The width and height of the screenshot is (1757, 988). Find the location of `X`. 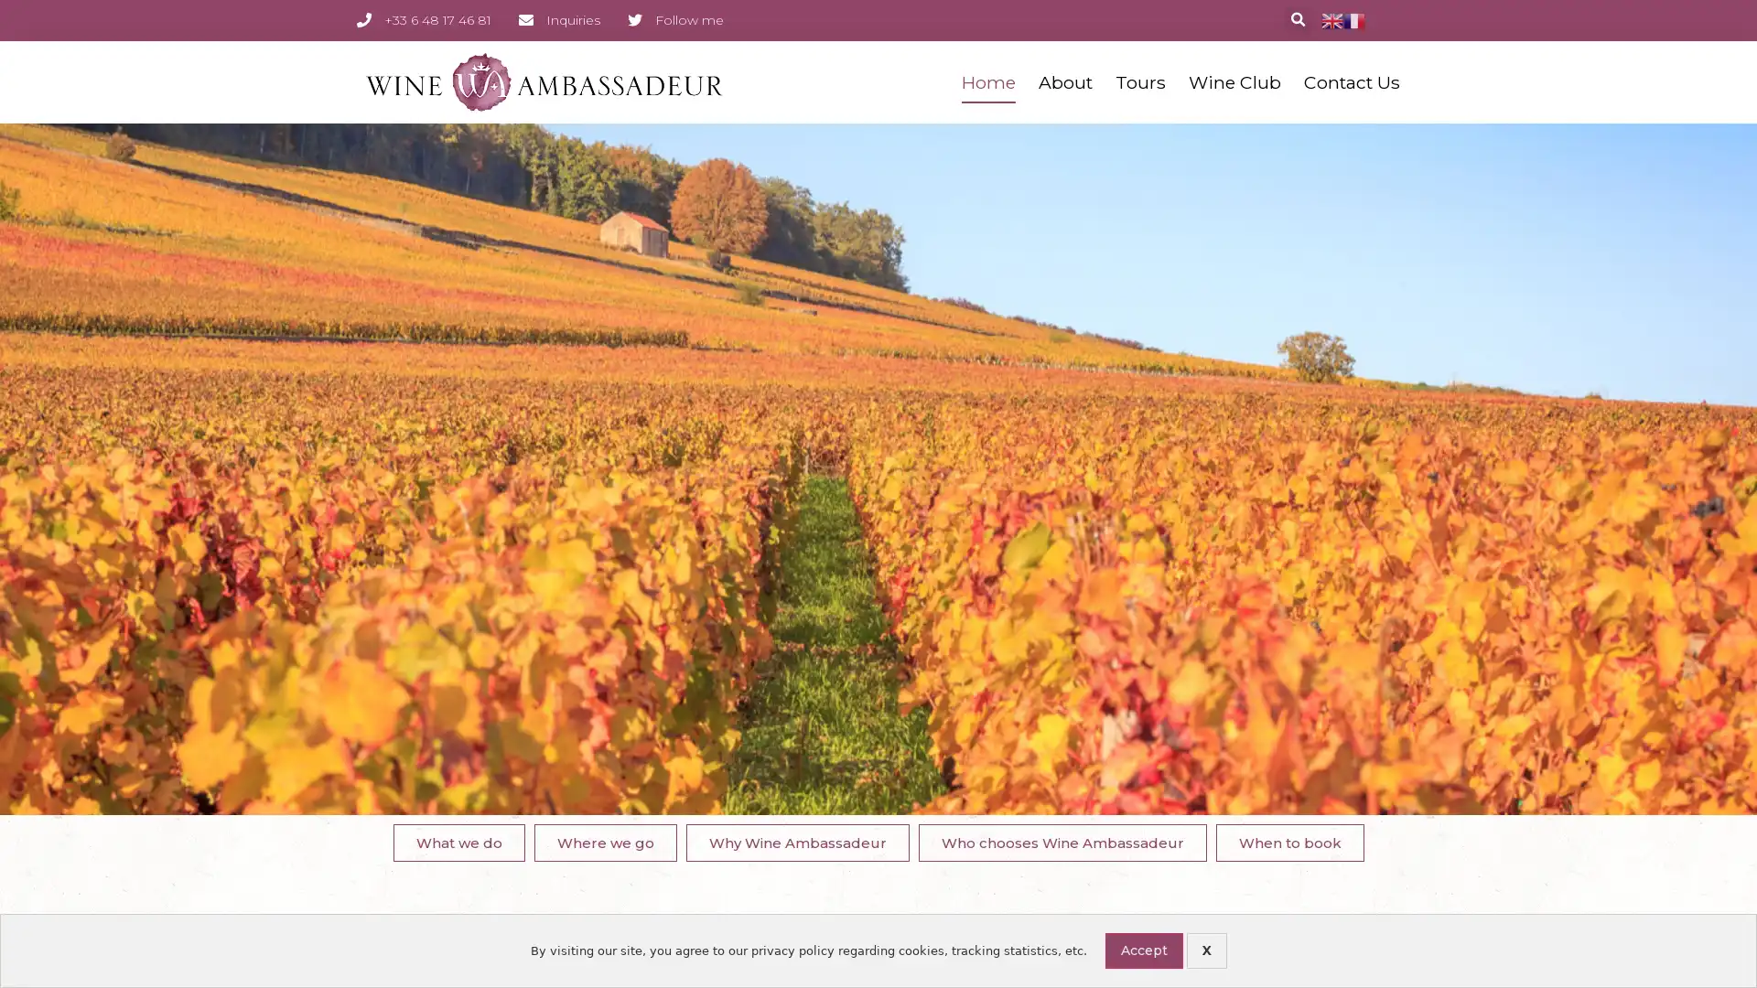

X is located at coordinates (1206, 950).